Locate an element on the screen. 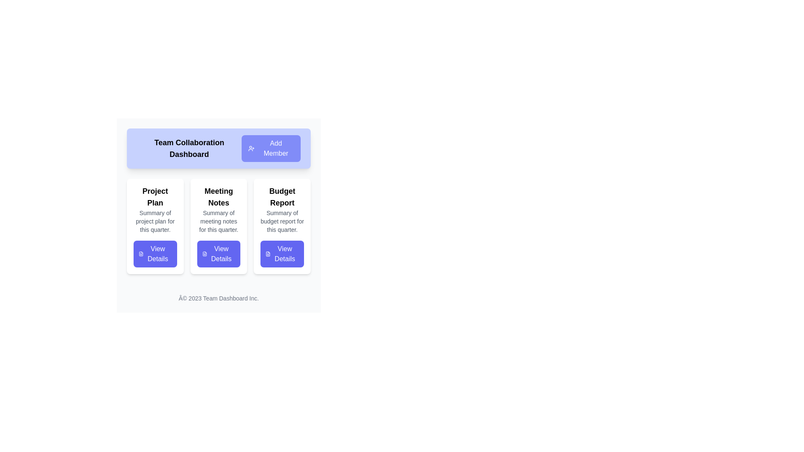  the text label displaying 'Project Plan', which is bold and prominently positioned above a description text block is located at coordinates (155, 197).